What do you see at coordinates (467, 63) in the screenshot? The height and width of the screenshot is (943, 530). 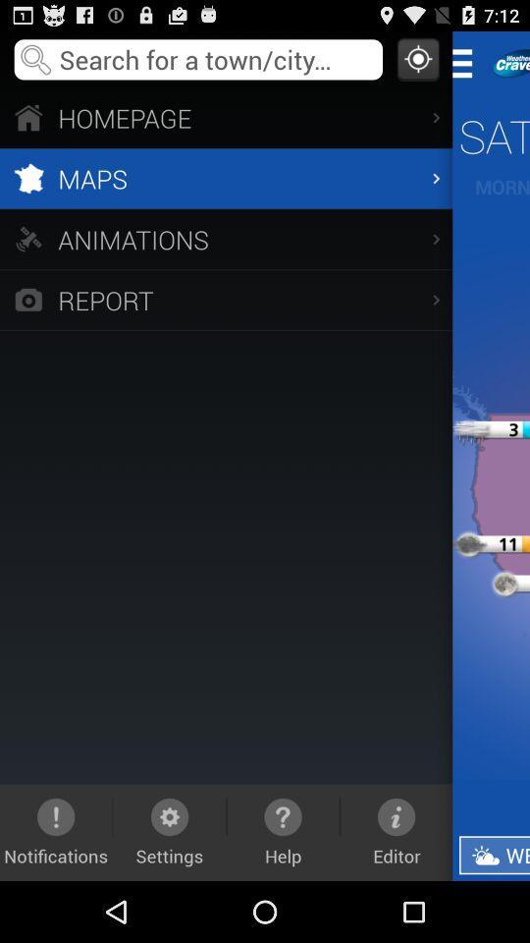 I see `item next to the homepage item` at bounding box center [467, 63].